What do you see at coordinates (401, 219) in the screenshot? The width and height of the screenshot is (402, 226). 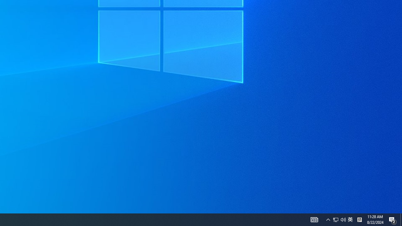 I see `'Show desktop'` at bounding box center [401, 219].